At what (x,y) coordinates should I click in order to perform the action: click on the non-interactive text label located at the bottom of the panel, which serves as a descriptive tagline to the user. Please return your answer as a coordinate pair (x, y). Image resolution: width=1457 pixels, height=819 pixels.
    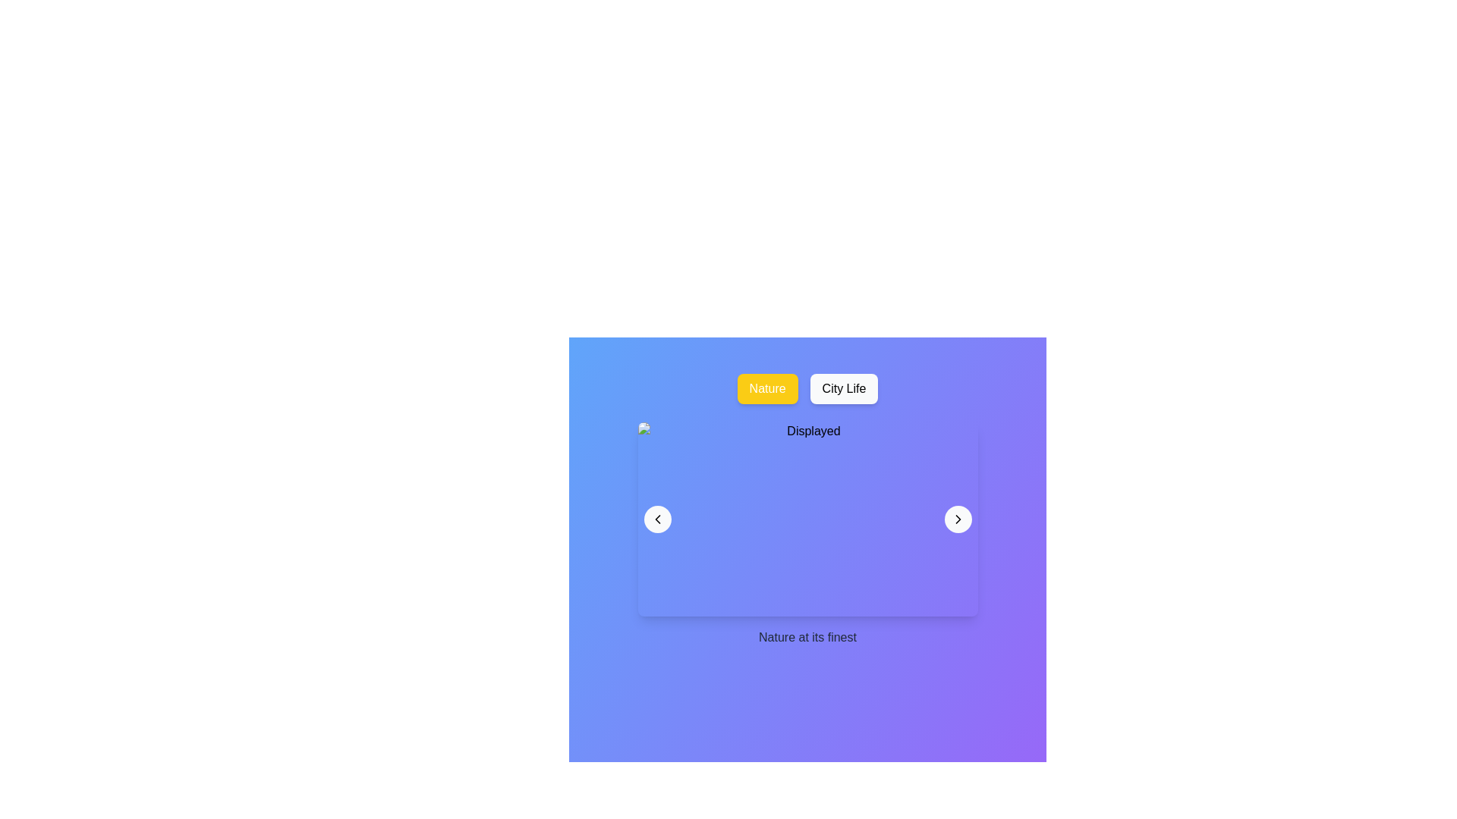
    Looking at the image, I should click on (807, 637).